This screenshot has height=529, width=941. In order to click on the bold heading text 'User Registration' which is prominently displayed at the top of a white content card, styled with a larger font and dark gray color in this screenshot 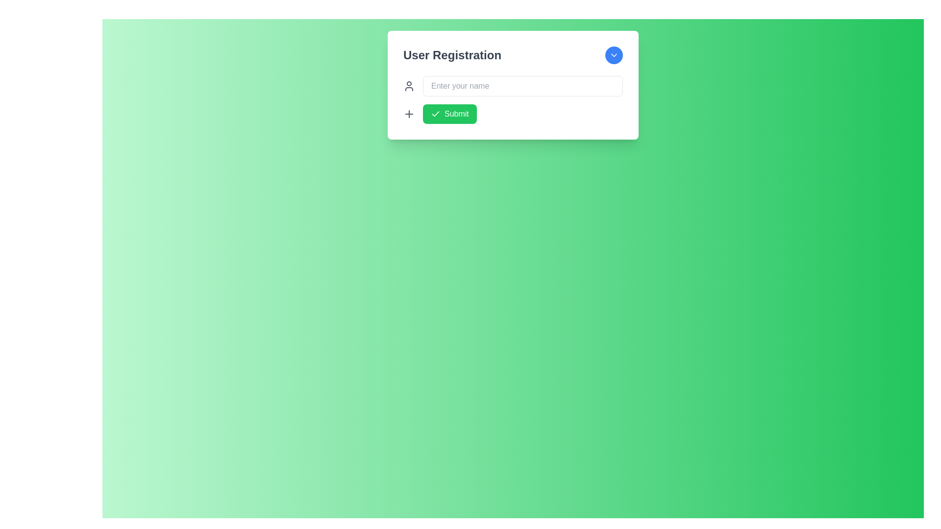, I will do `click(451, 55)`.